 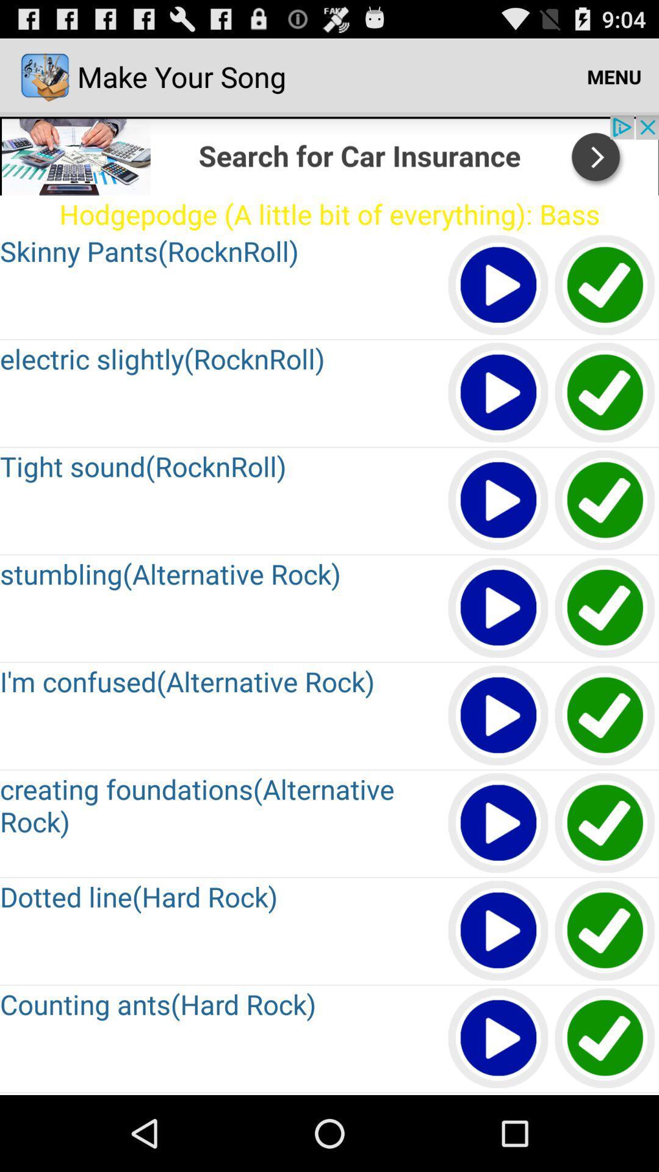 What do you see at coordinates (605, 1038) in the screenshot?
I see `this sound` at bounding box center [605, 1038].